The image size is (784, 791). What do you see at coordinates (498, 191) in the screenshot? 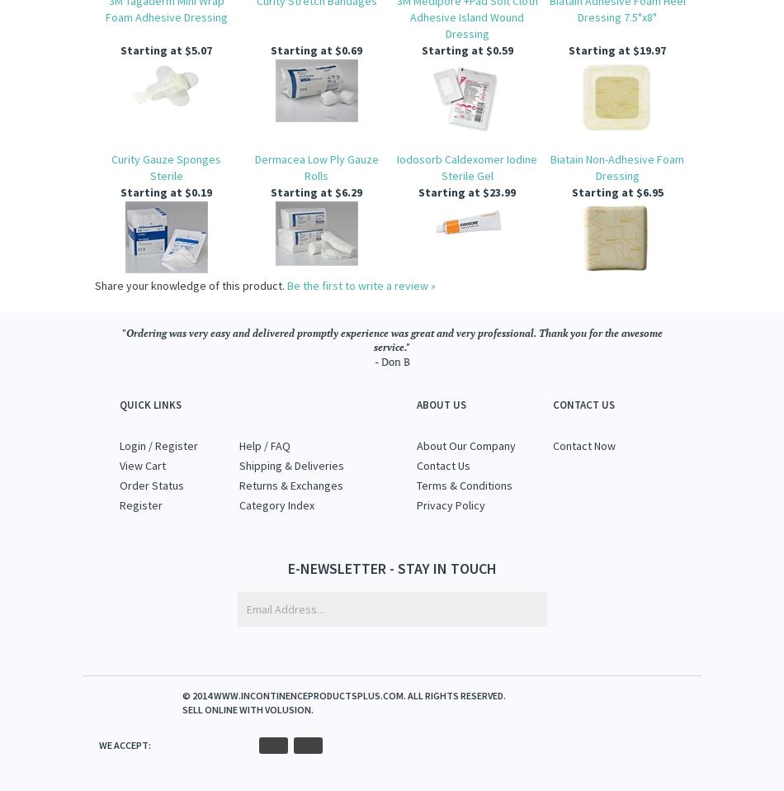
I see `'$23.99'` at bounding box center [498, 191].